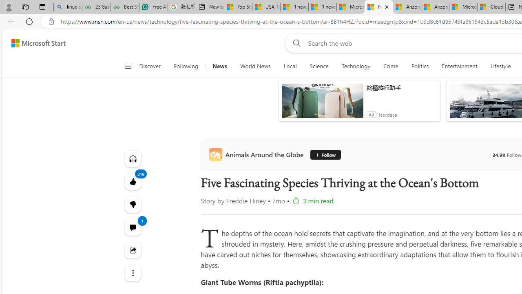  I want to click on 'Best SSL Certificates Provider in India - GeeksforGeeks', so click(124, 7).